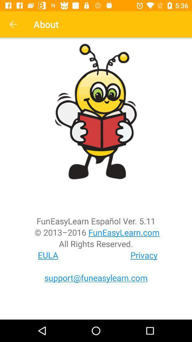  I want to click on icon to the right of eula, so click(144, 255).